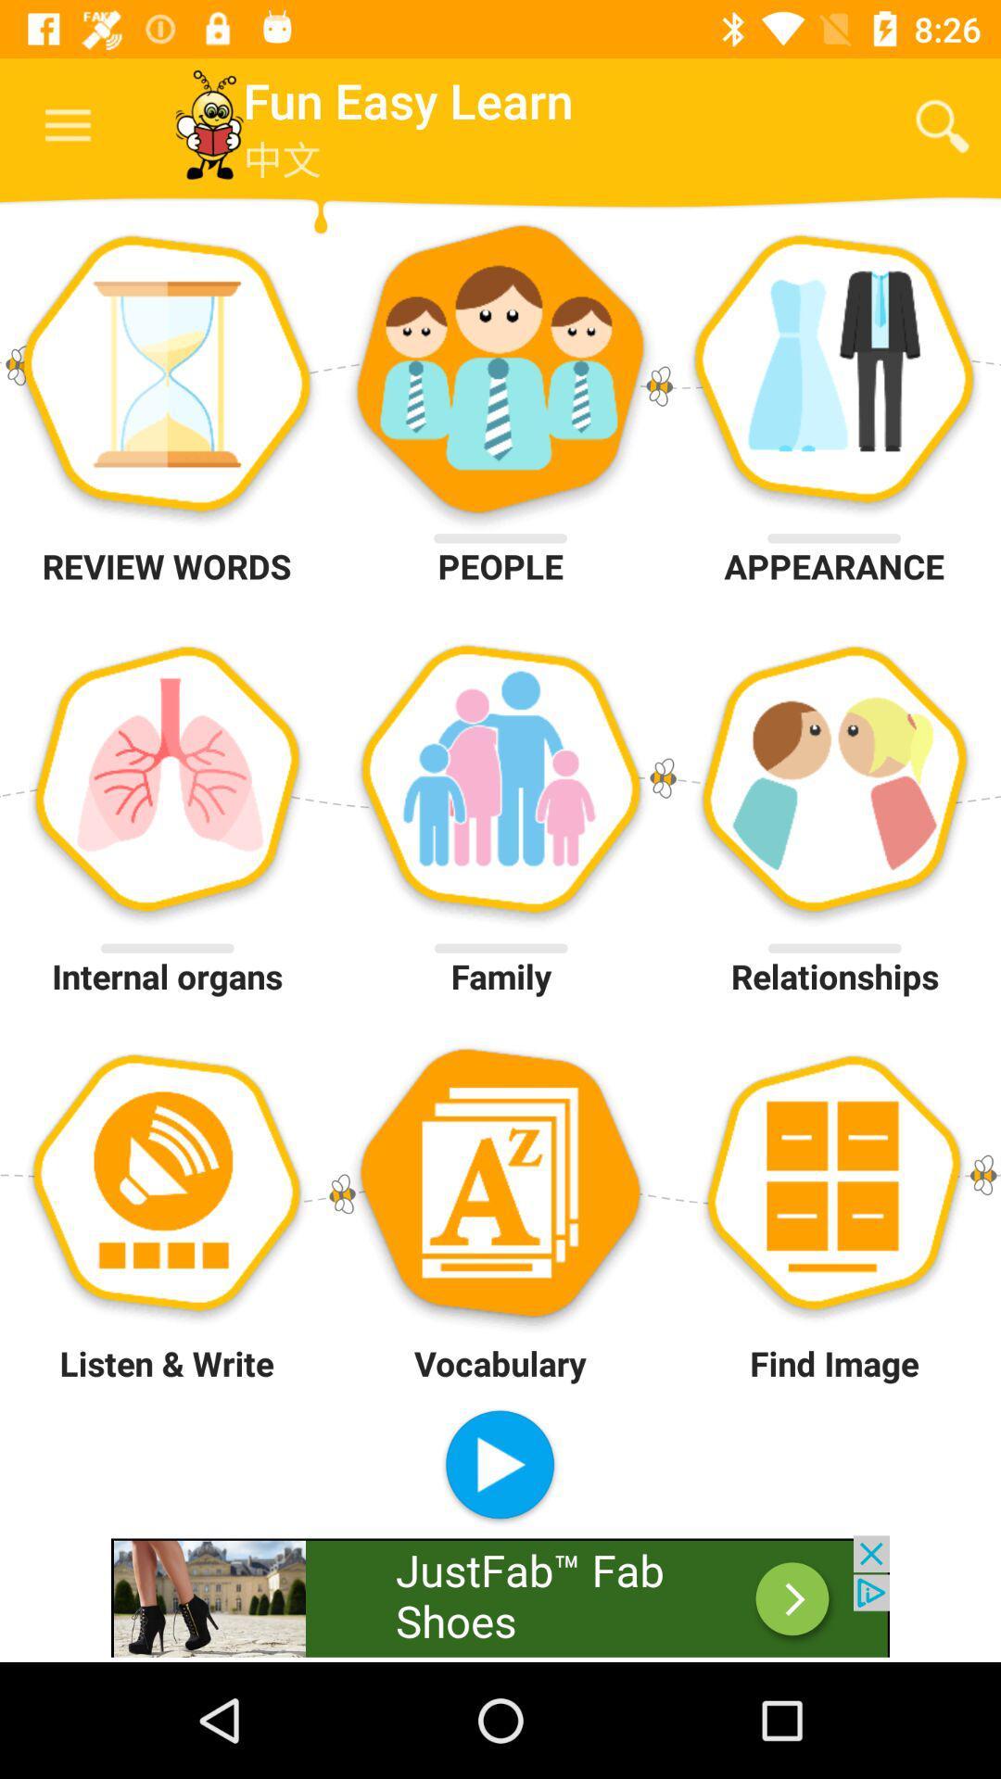  Describe the element at coordinates (499, 1466) in the screenshot. I see `the play icon` at that location.